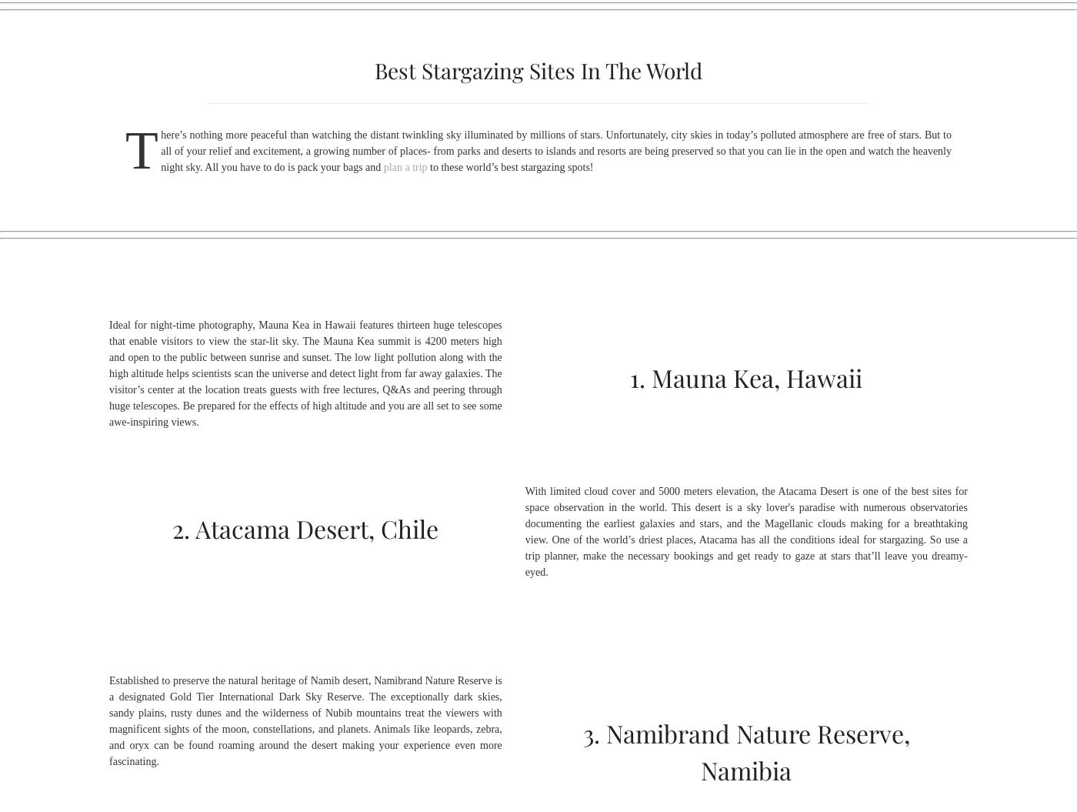 The width and height of the screenshot is (1077, 812). I want to click on 'here’s nothing more peaceful than watching the distant twinkling sky illuminated by millions of stars. Unfortunately, city skies in today’s polluted atmosphere are free of stars. But to all of your relief and excitement, a growing number of places- from parks and deserts to islands and resorts are being preserved so that you can lie in the open and watch the heavenly night sky. All you have to do is pack your bags and', so click(555, 149).